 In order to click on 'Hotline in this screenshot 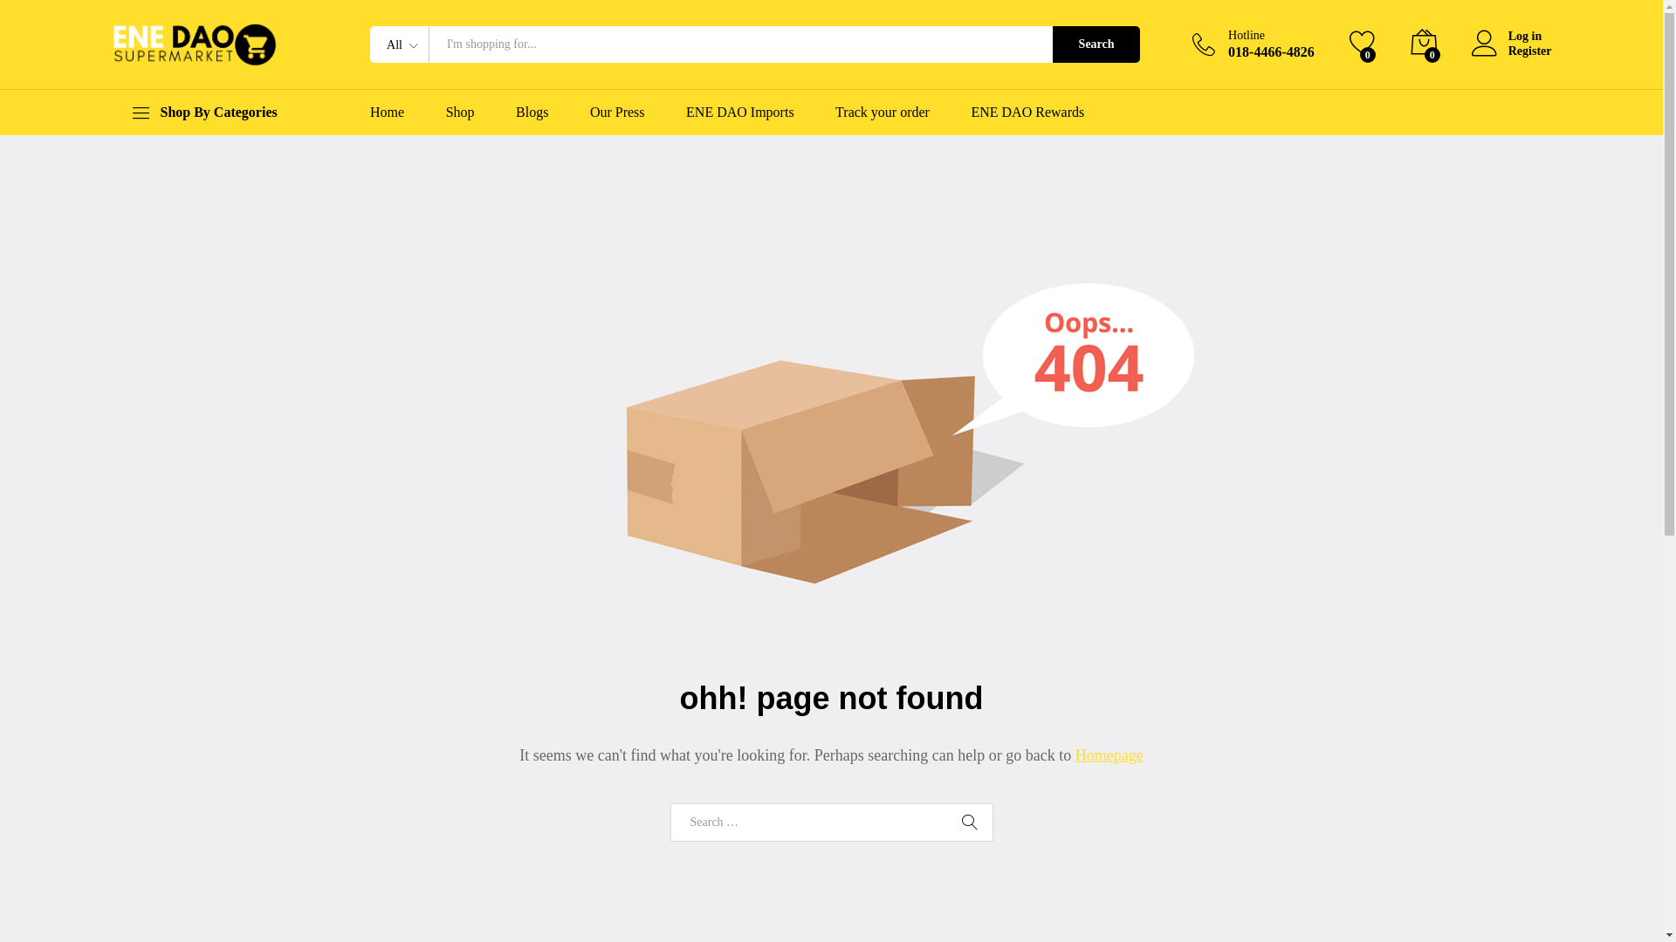, I will do `click(1252, 43)`.